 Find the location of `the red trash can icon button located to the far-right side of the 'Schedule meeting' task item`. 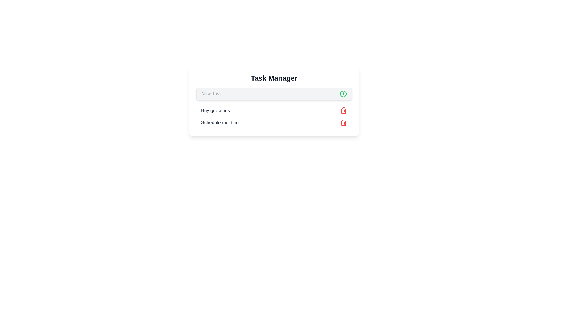

the red trash can icon button located to the far-right side of the 'Schedule meeting' task item is located at coordinates (344, 122).